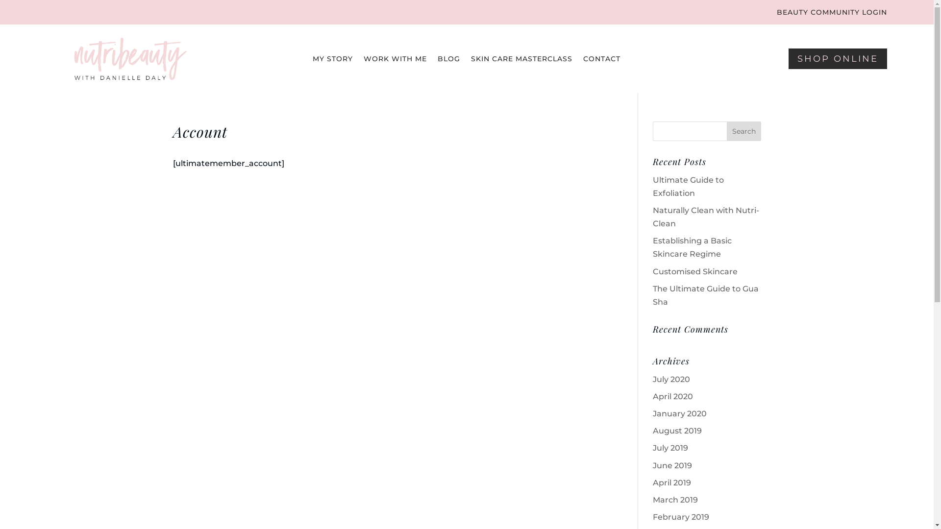 Image resolution: width=941 pixels, height=529 pixels. What do you see at coordinates (674, 500) in the screenshot?
I see `'March 2019'` at bounding box center [674, 500].